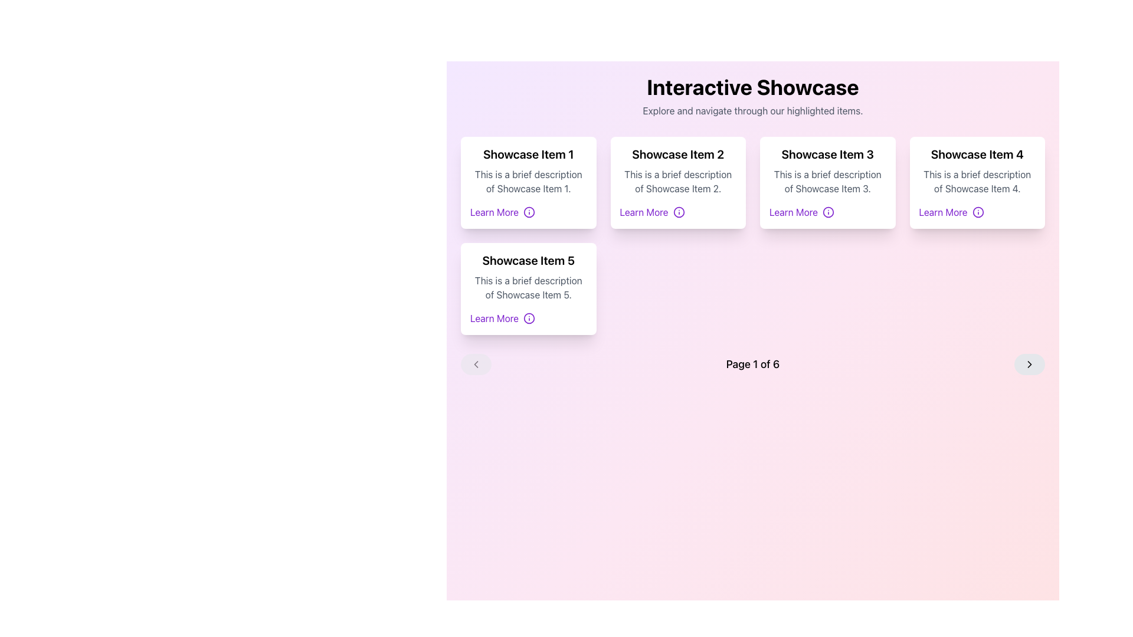 The width and height of the screenshot is (1133, 637). What do you see at coordinates (529, 318) in the screenshot?
I see `the decorative circular graphic within the 'Learn More' link section of the card for 'Showcase Item 5', which is styled with a thin border and is adjacent to the 'Learn More' text` at bounding box center [529, 318].